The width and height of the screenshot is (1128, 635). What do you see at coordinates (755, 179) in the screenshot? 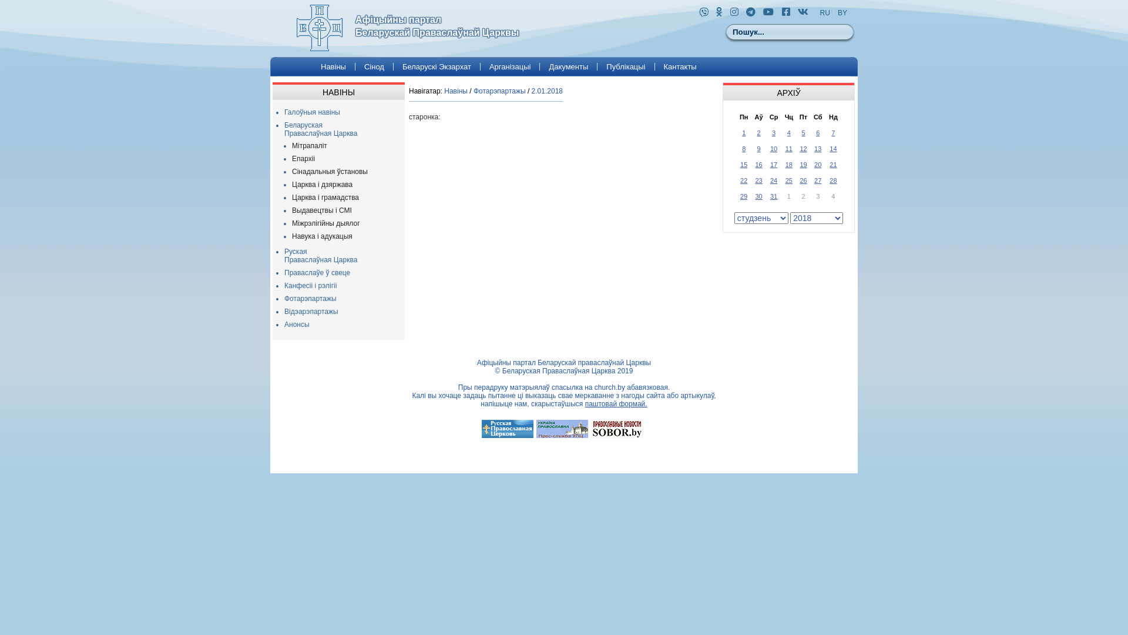
I see `'23'` at bounding box center [755, 179].